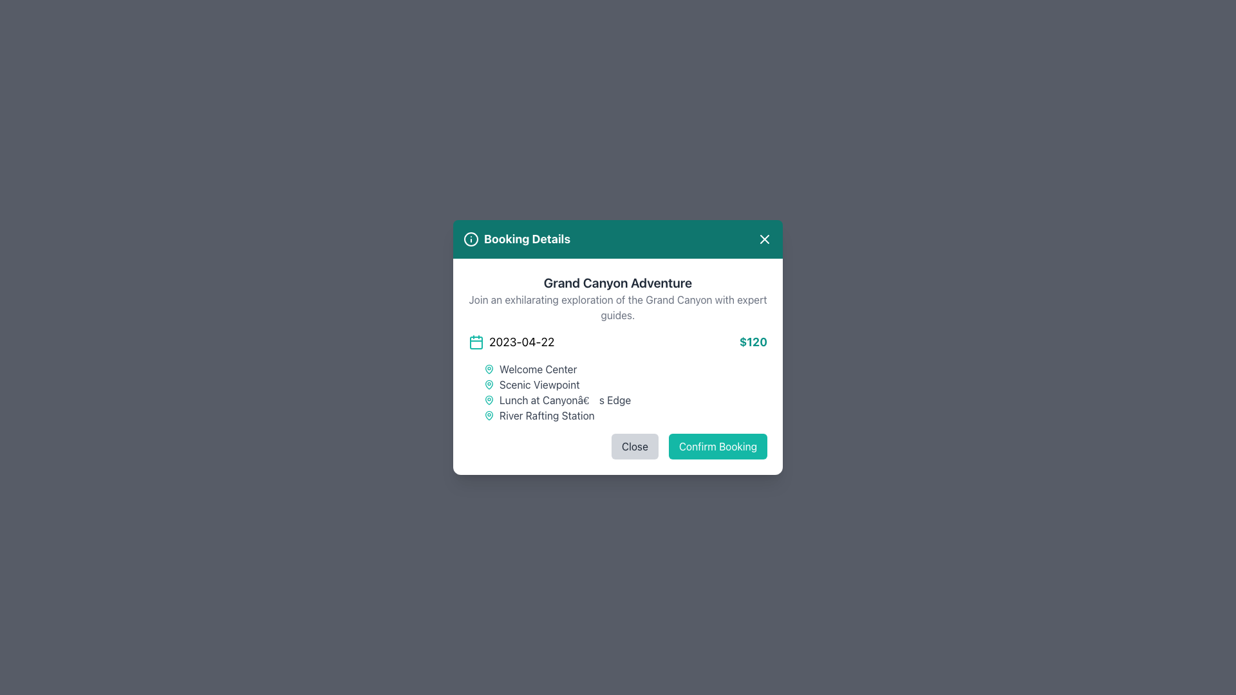 Image resolution: width=1236 pixels, height=695 pixels. What do you see at coordinates (753, 342) in the screenshot?
I see `the text element displaying '$120' in bold teal font, located in the upper-right section of the modal dialog` at bounding box center [753, 342].